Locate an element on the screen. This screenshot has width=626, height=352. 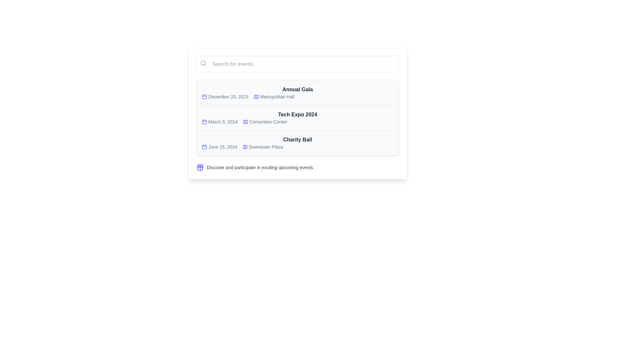
the Text Label that indicates the name of the location associated with the first event in the list, located next to the calendar icon and below the 'Annual Gala' header is located at coordinates (277, 97).